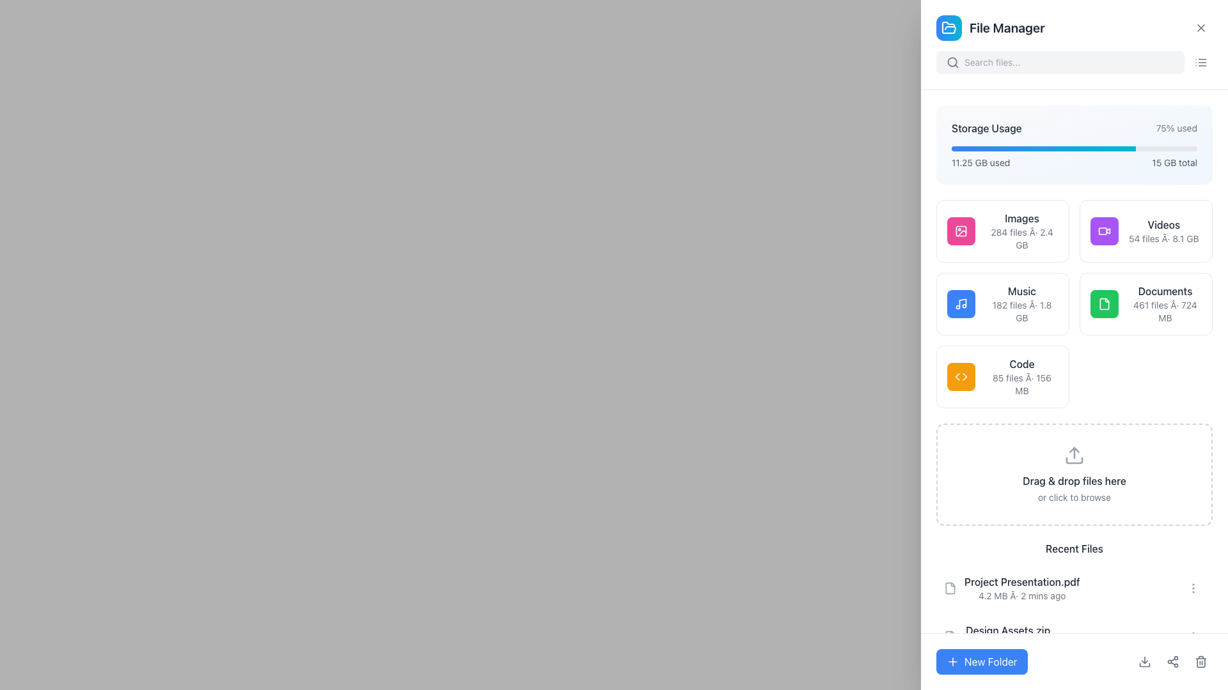 The image size is (1228, 690). What do you see at coordinates (1007, 645) in the screenshot?
I see `metadata text element located directly below the file name 'Design Assets.zip' in the 'Recent Files' list` at bounding box center [1007, 645].